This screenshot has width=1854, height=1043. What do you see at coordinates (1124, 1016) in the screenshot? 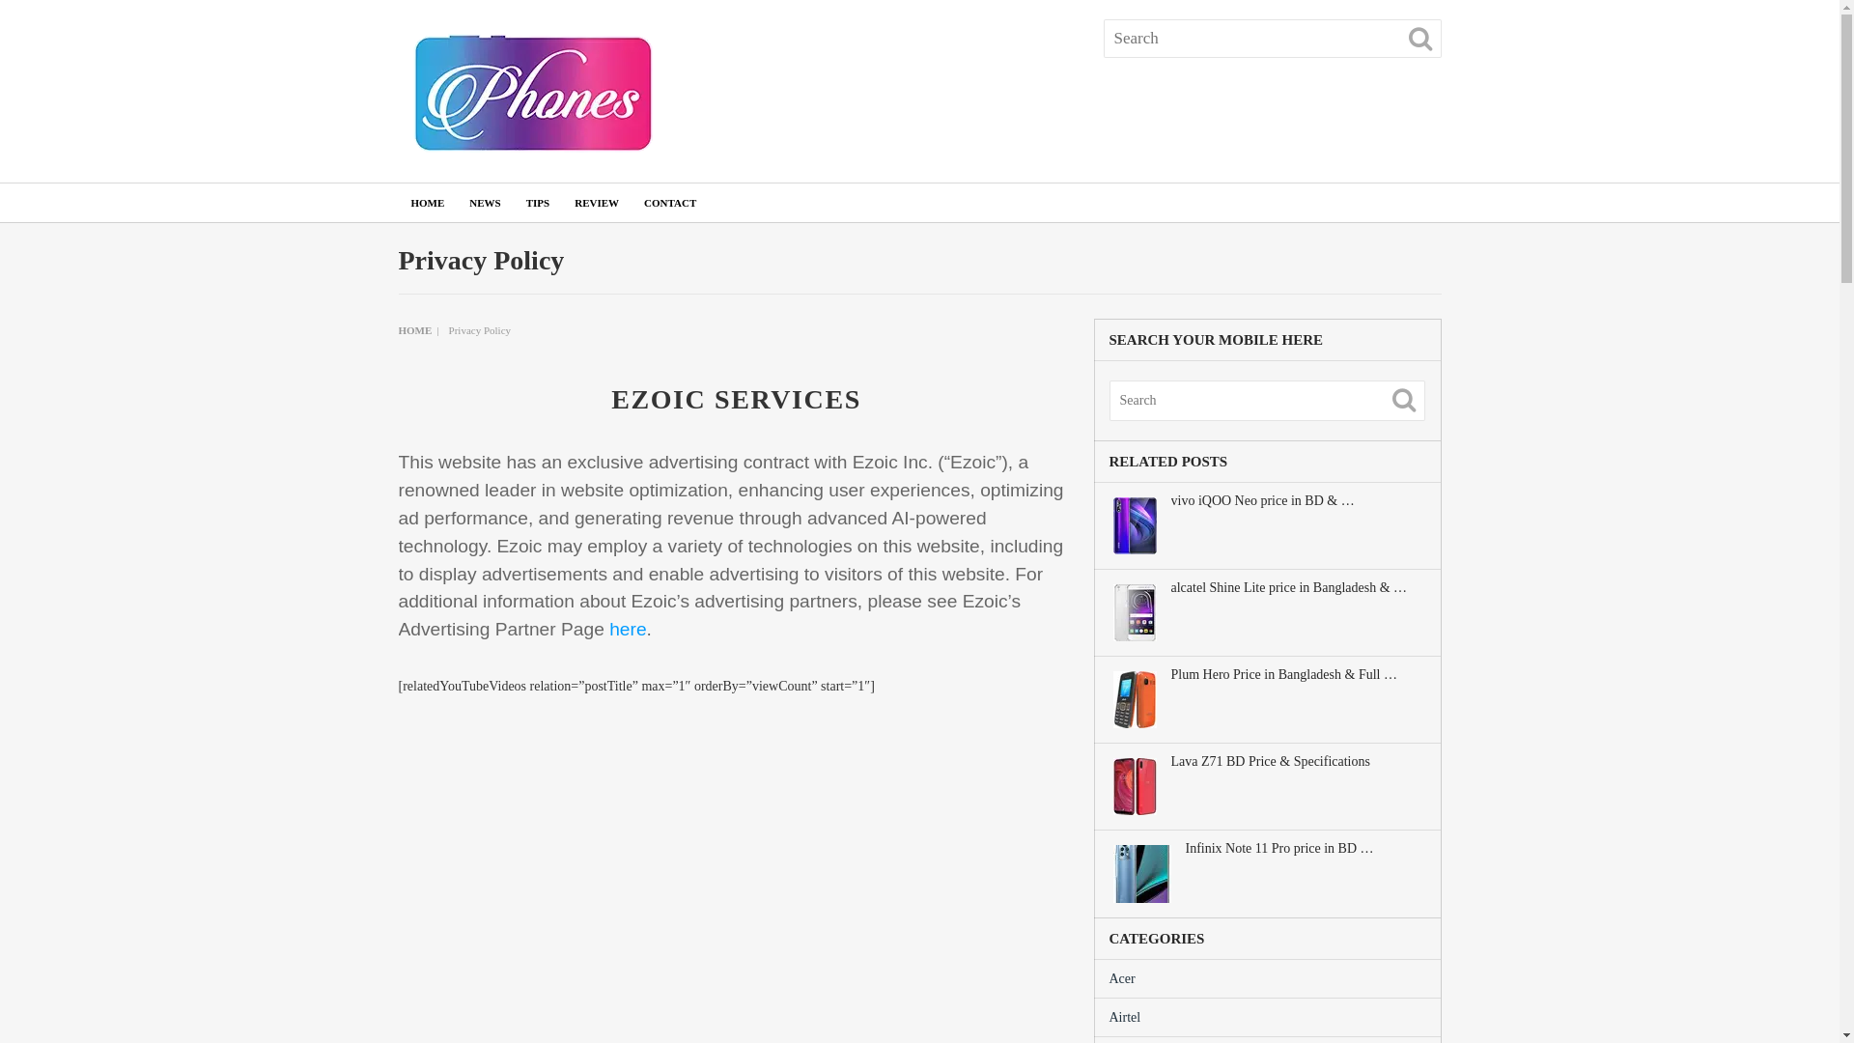
I see `'Airtel'` at bounding box center [1124, 1016].